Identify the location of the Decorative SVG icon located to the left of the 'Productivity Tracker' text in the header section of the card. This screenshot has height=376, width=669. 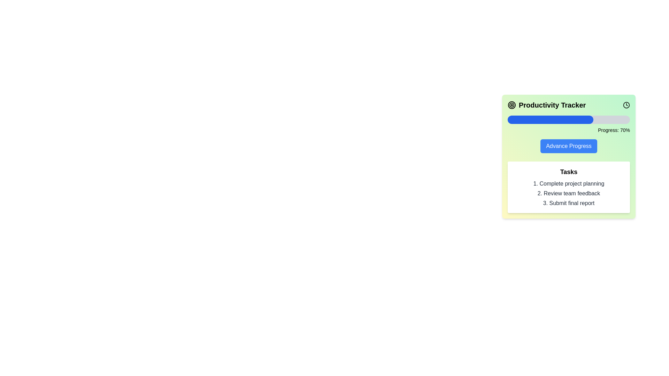
(512, 105).